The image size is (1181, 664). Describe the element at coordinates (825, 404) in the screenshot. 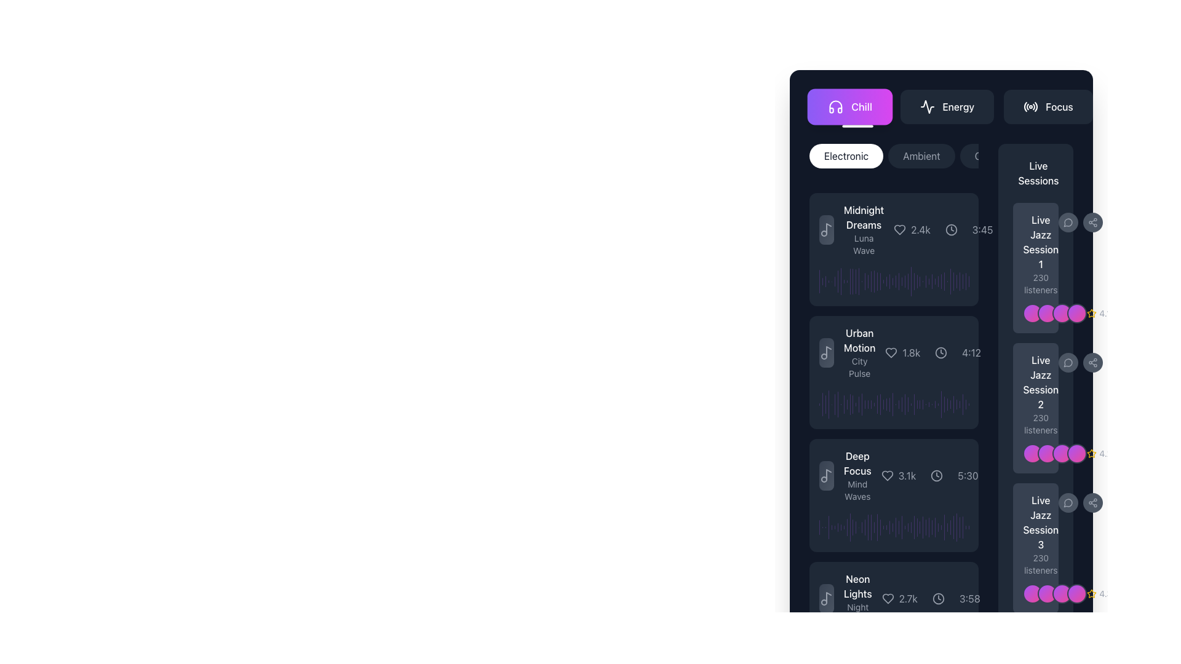

I see `the third vertical bar in the sequence of graphical indicators, which represents a data value` at that location.